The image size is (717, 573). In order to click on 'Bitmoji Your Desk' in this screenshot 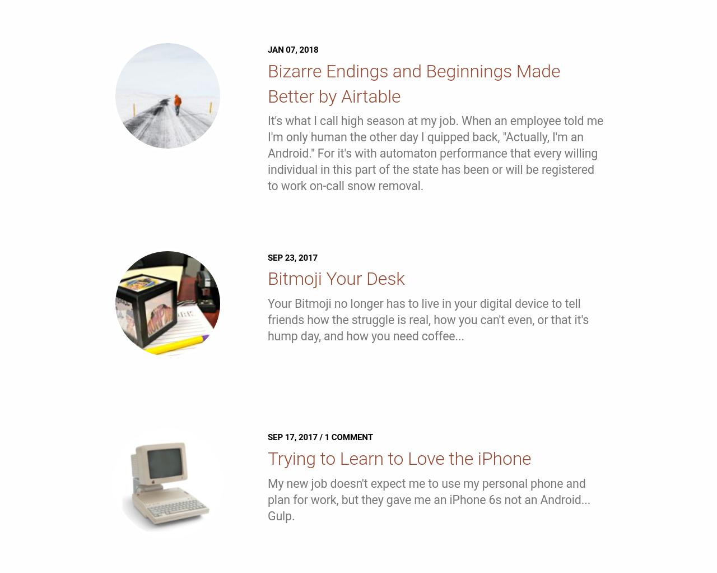, I will do `click(335, 278)`.